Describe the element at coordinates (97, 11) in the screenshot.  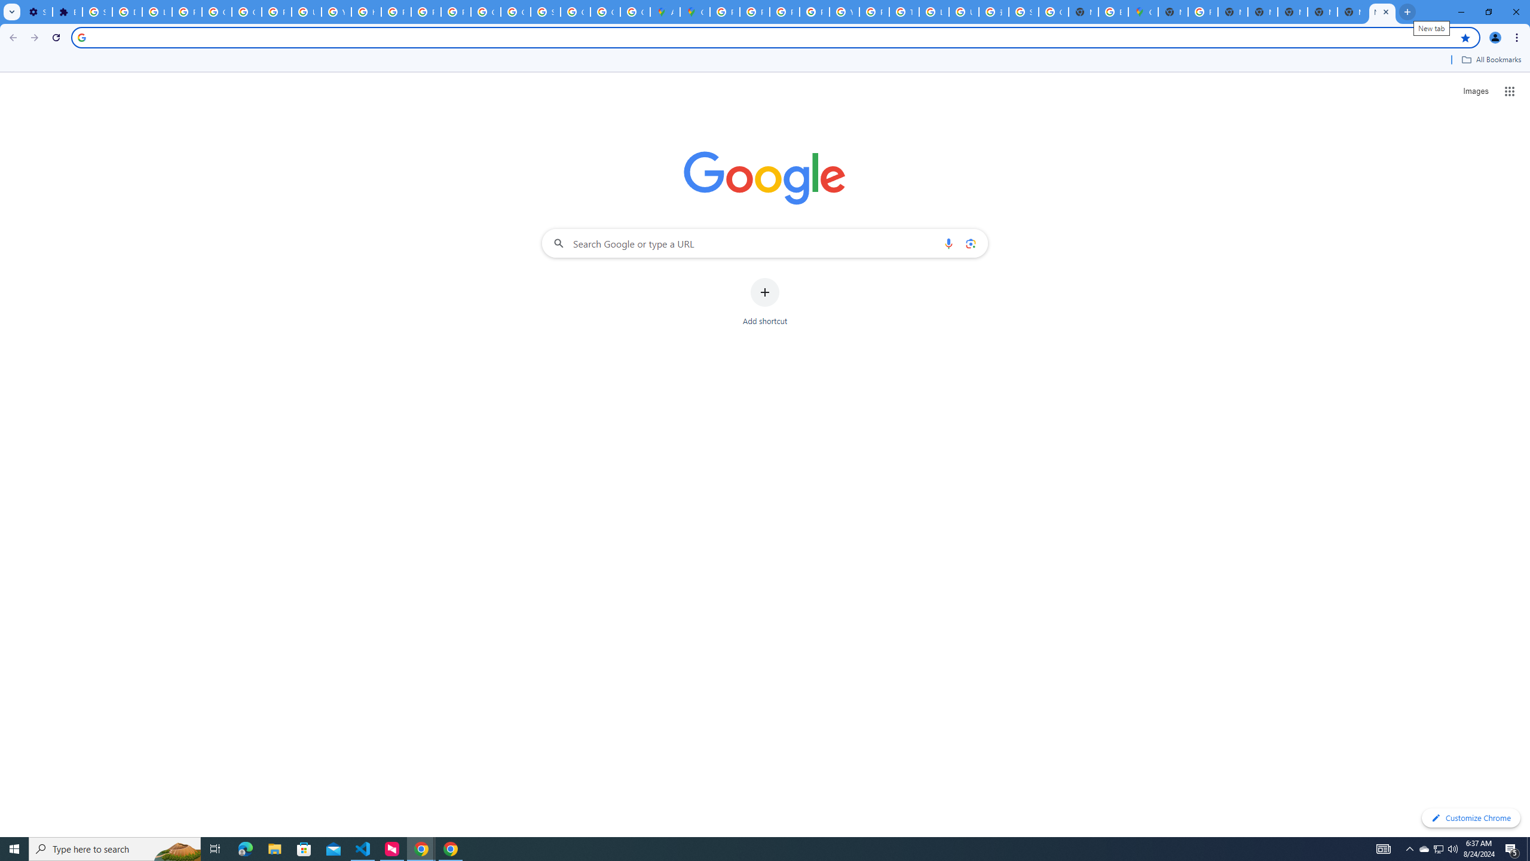
I see `'Sign in - Google Accounts'` at that location.